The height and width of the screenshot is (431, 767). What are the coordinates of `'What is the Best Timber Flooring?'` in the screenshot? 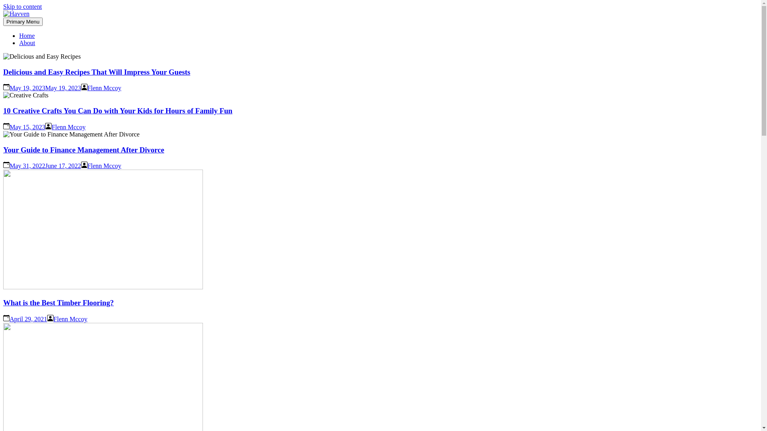 It's located at (58, 302).